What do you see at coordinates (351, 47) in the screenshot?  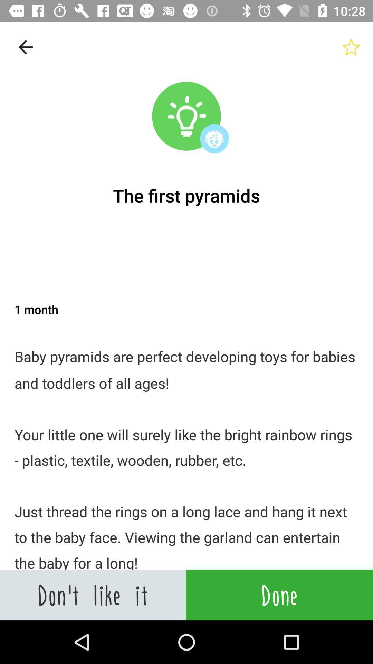 I see `mark article as favorite` at bounding box center [351, 47].